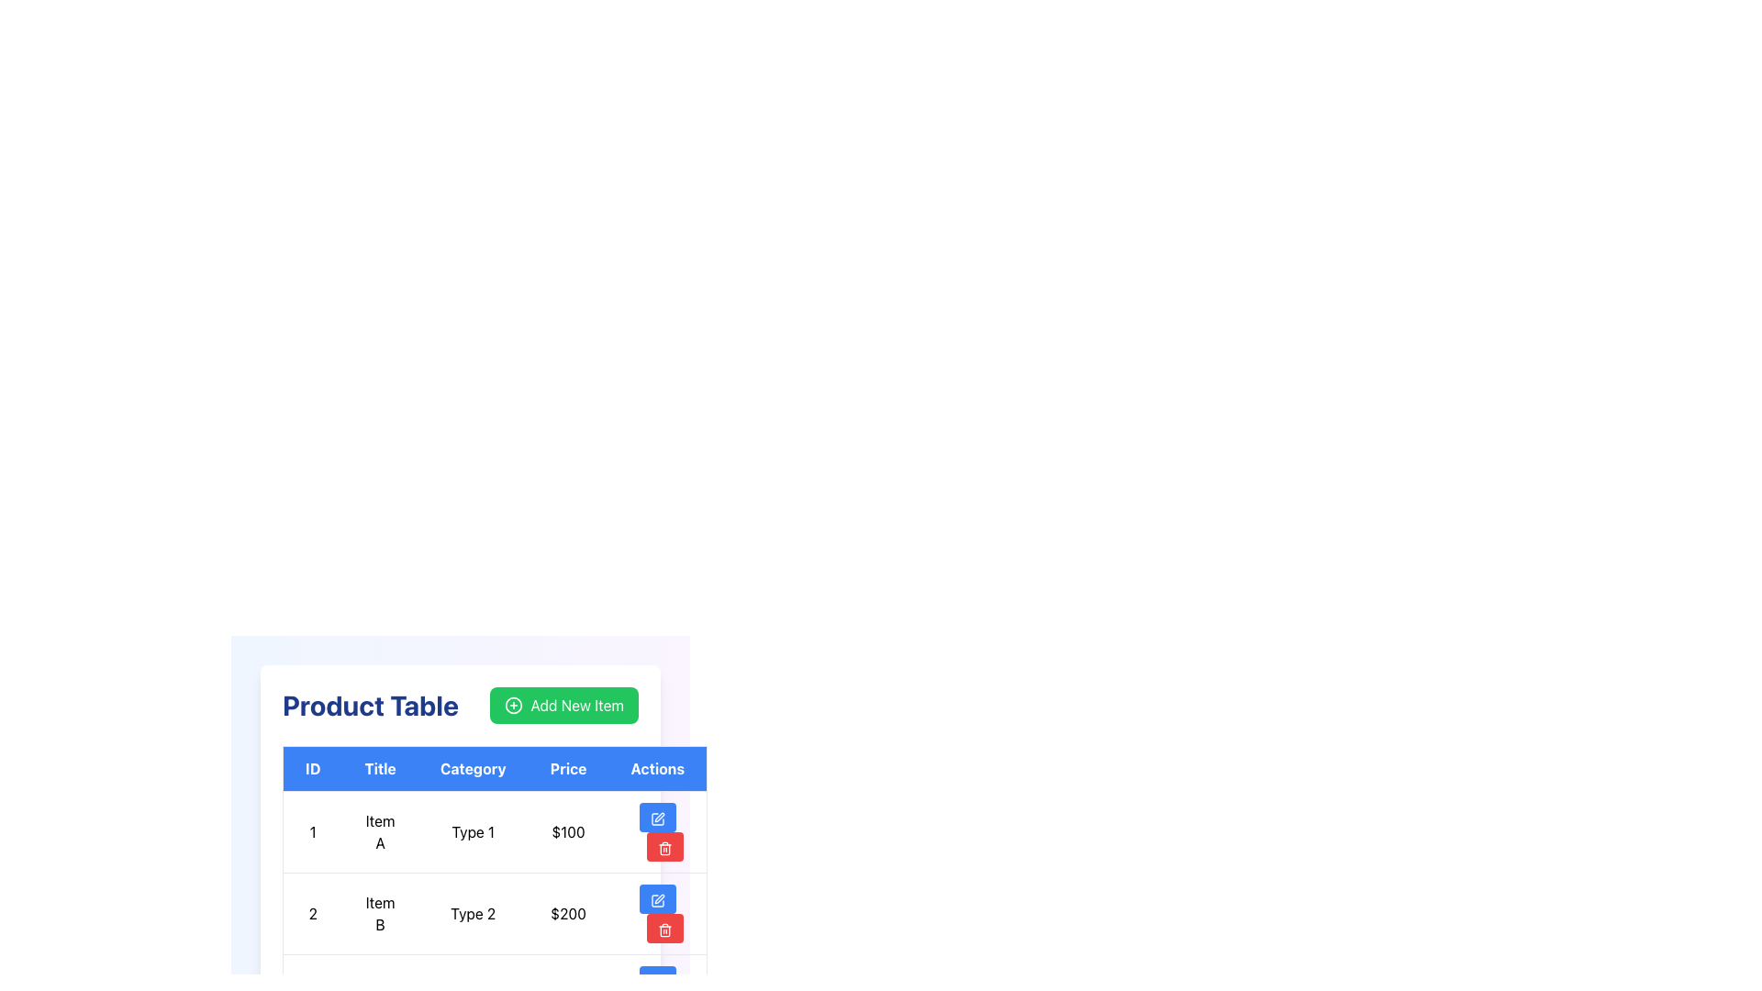 This screenshot has width=1762, height=991. I want to click on the green 'Add New Item' button with a plus sign icon, so click(563, 704).